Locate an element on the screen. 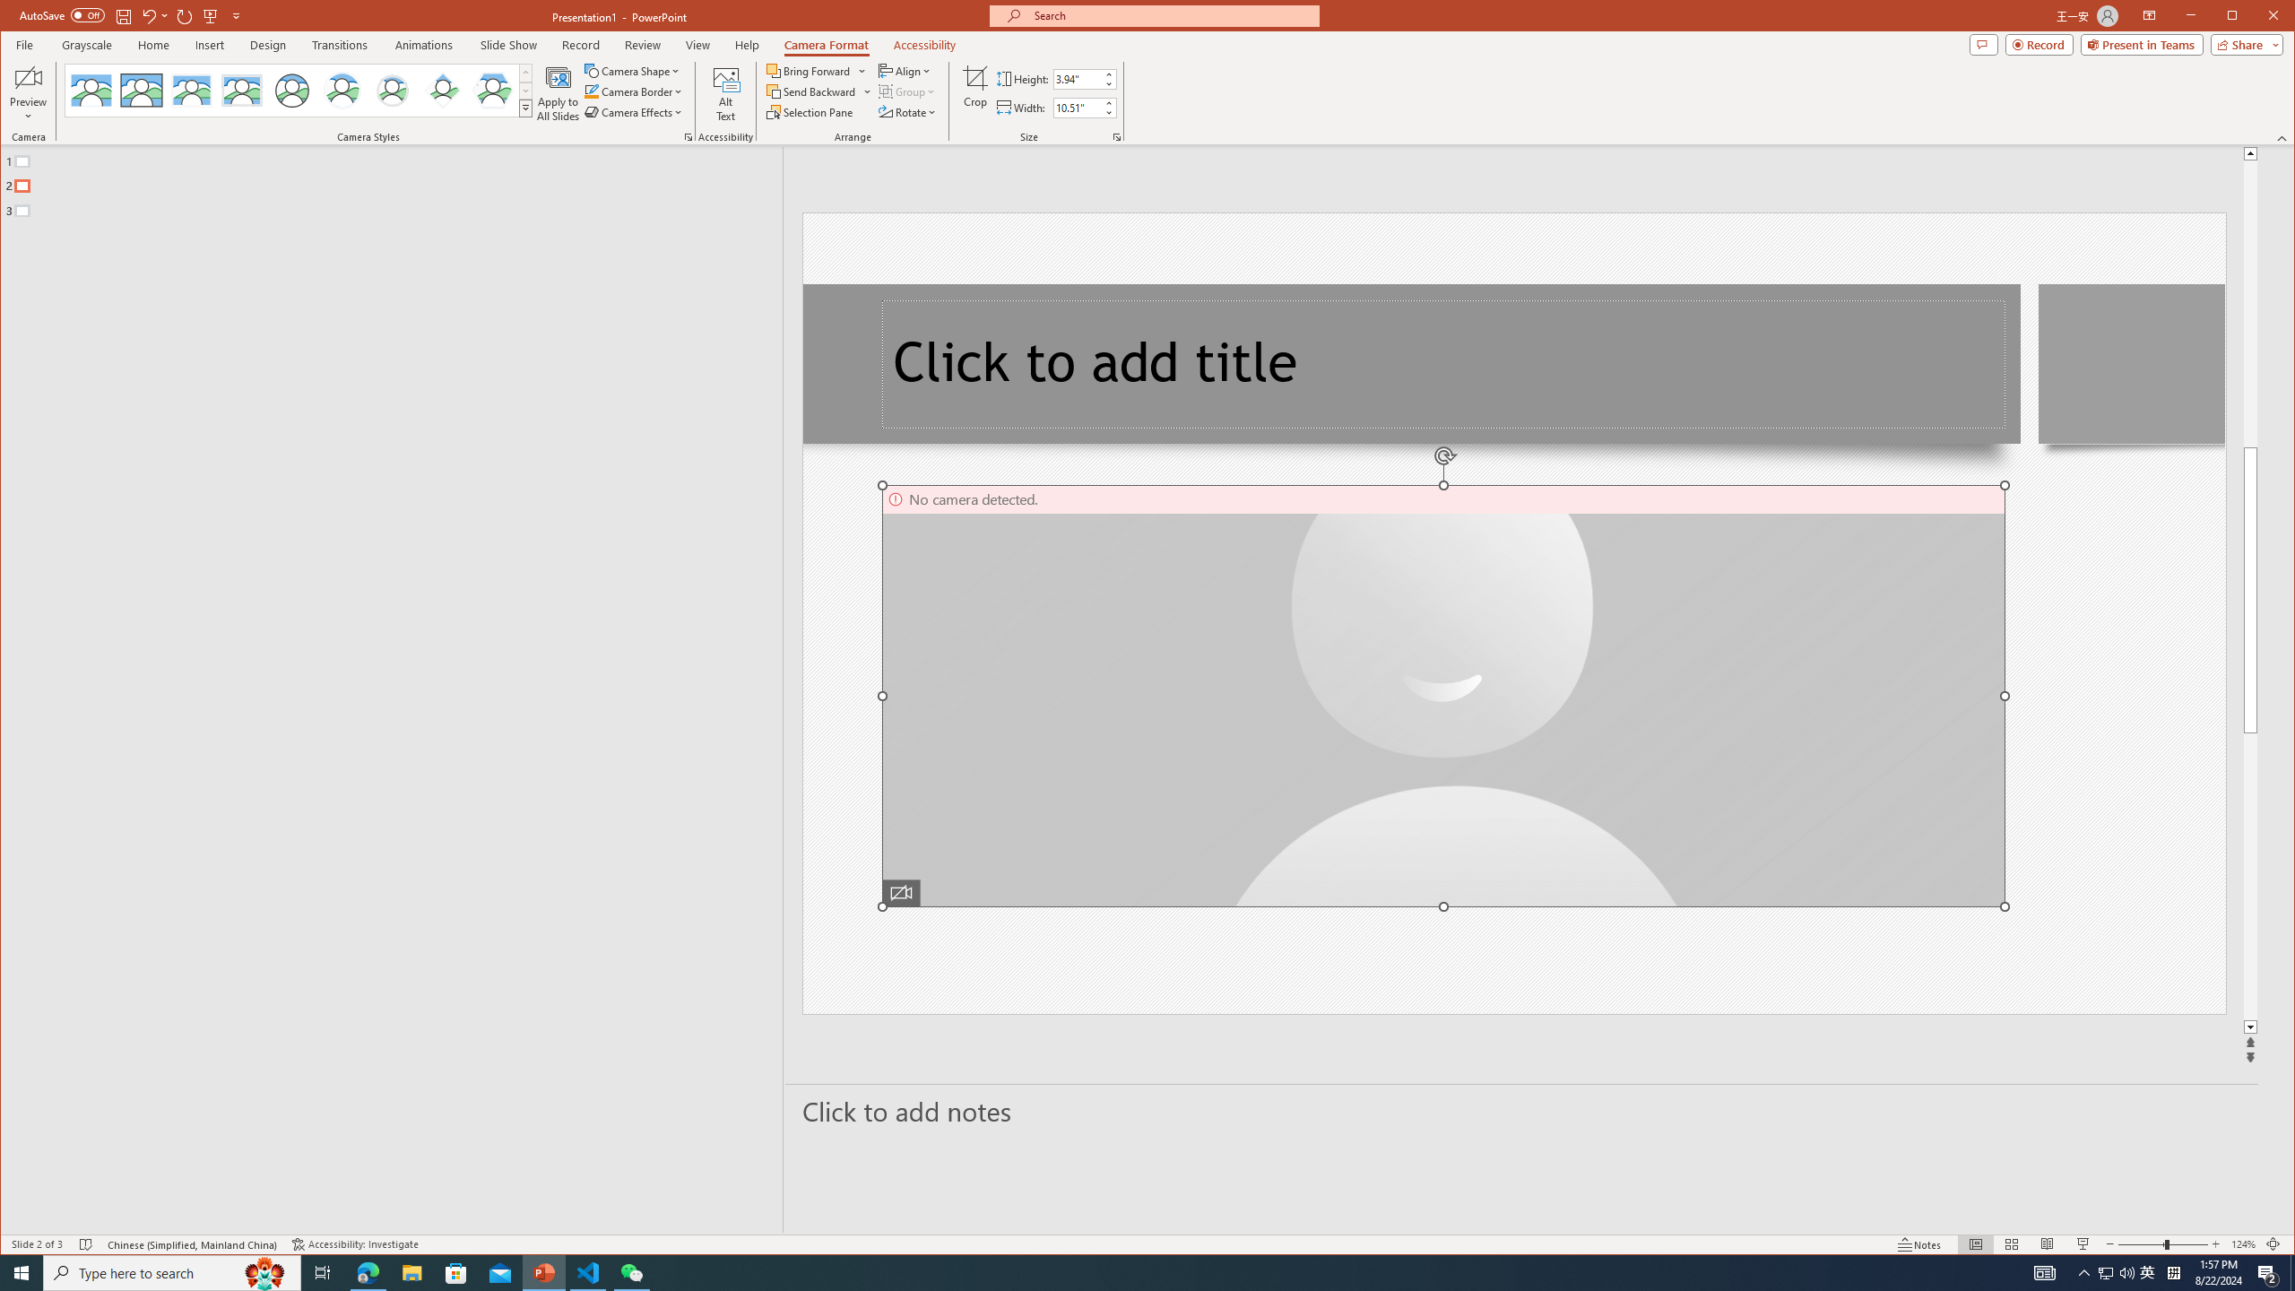 The height and width of the screenshot is (1291, 2295). 'Camera Effects' is located at coordinates (636, 112).